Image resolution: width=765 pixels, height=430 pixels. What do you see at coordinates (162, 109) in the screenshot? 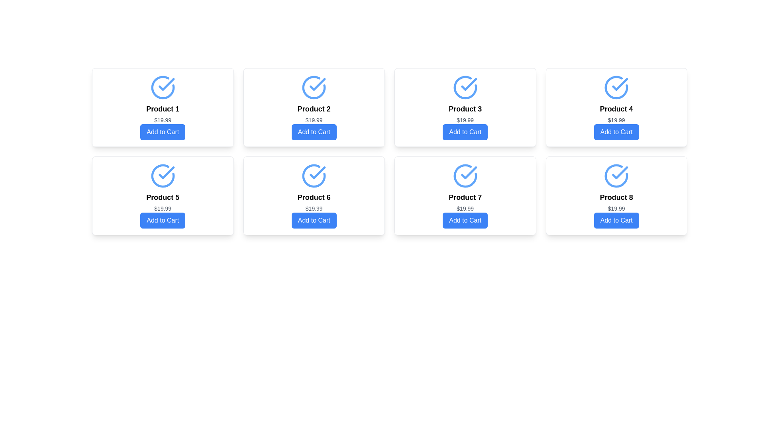
I see `text from the product title label located in the top-left corner of the product card, positioned between the product icon above and the price below` at bounding box center [162, 109].